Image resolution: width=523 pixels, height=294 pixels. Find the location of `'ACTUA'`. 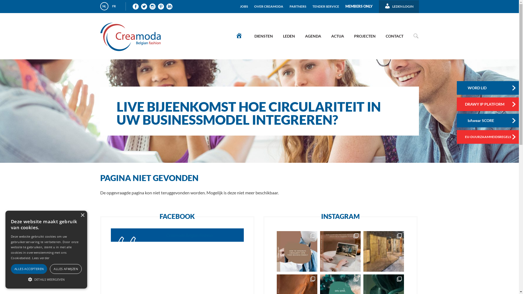

'ACTUA' is located at coordinates (337, 36).